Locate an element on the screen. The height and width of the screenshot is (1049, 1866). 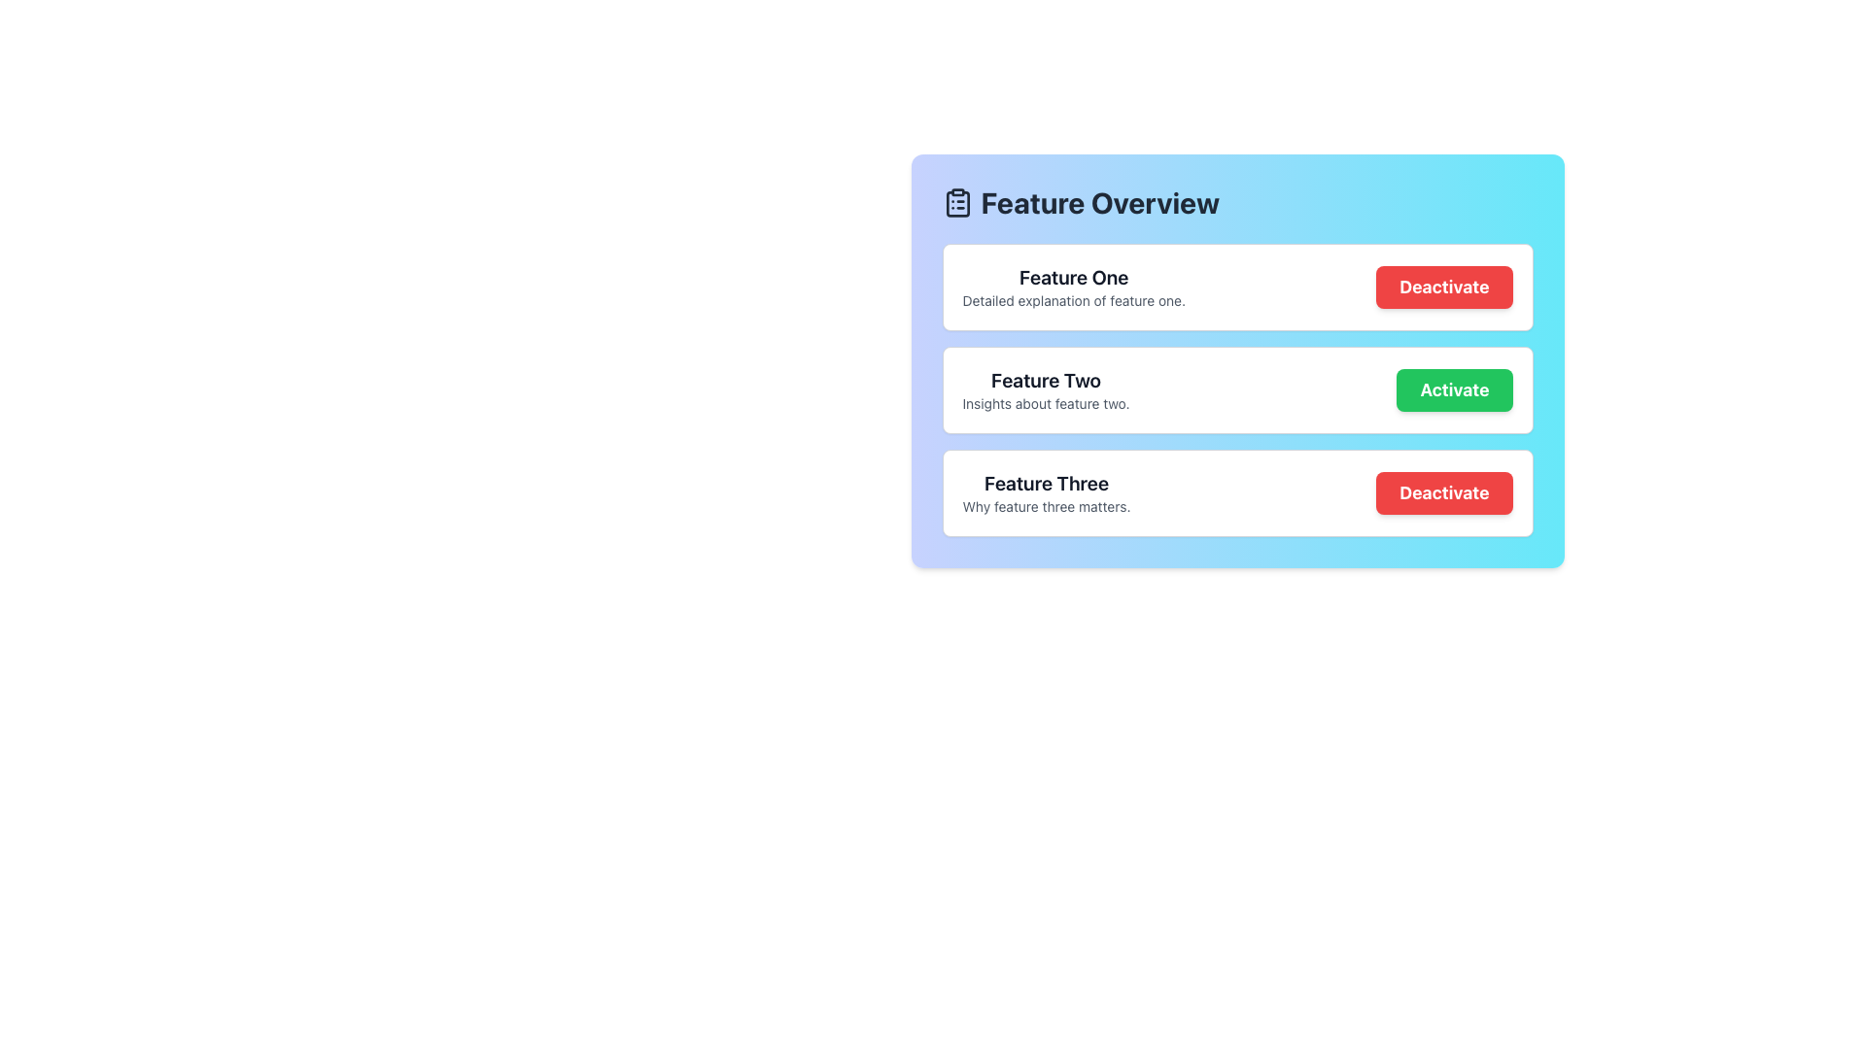
the List item containing the title 'Feature Two' and the green button labeled 'Activate' is located at coordinates (1236, 389).